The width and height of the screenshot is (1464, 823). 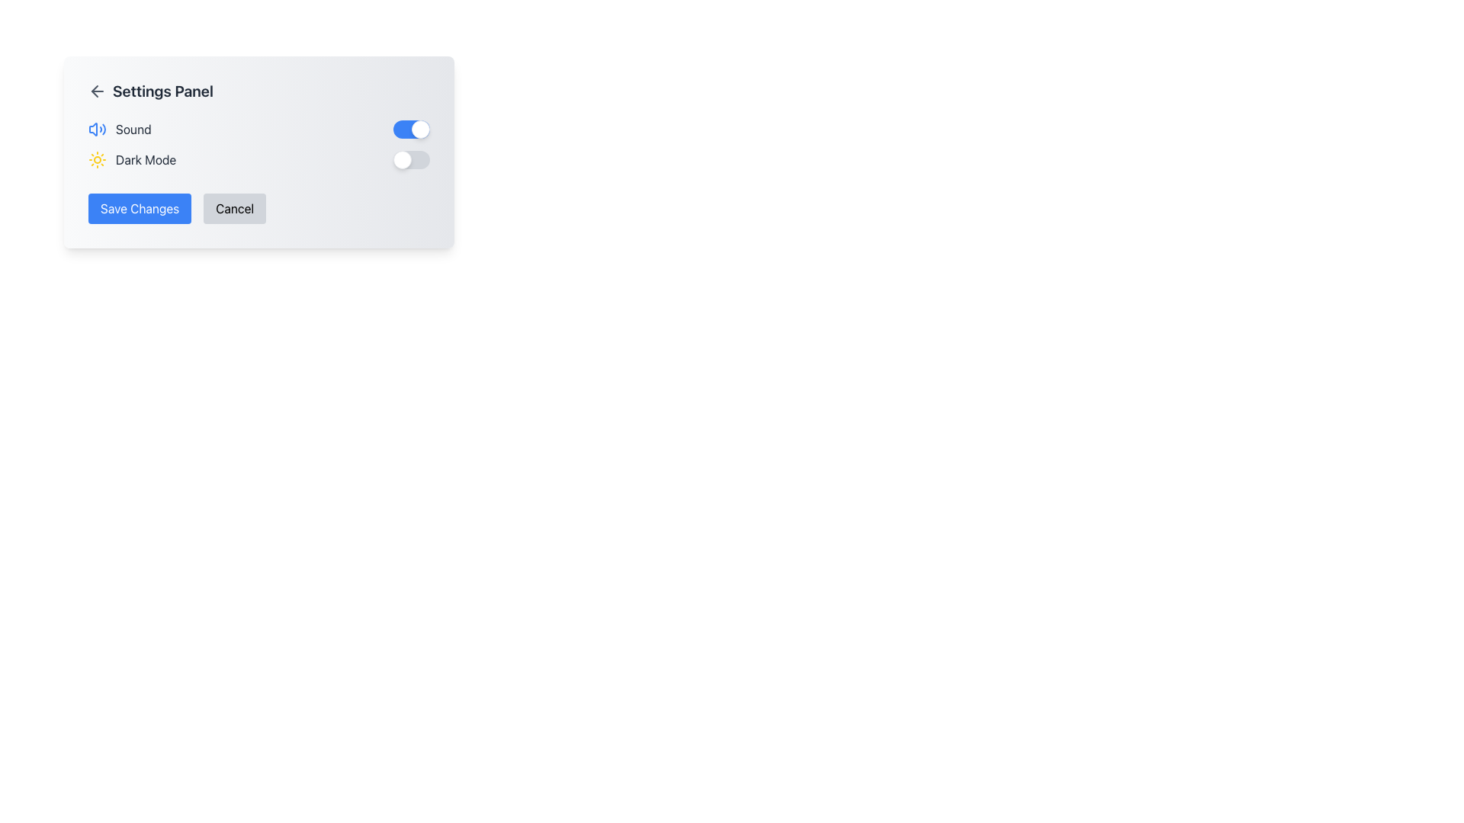 What do you see at coordinates (259, 159) in the screenshot?
I see `the toggle knob of the 'Dark Mode' switch located in the 'Settings Panel' interface` at bounding box center [259, 159].